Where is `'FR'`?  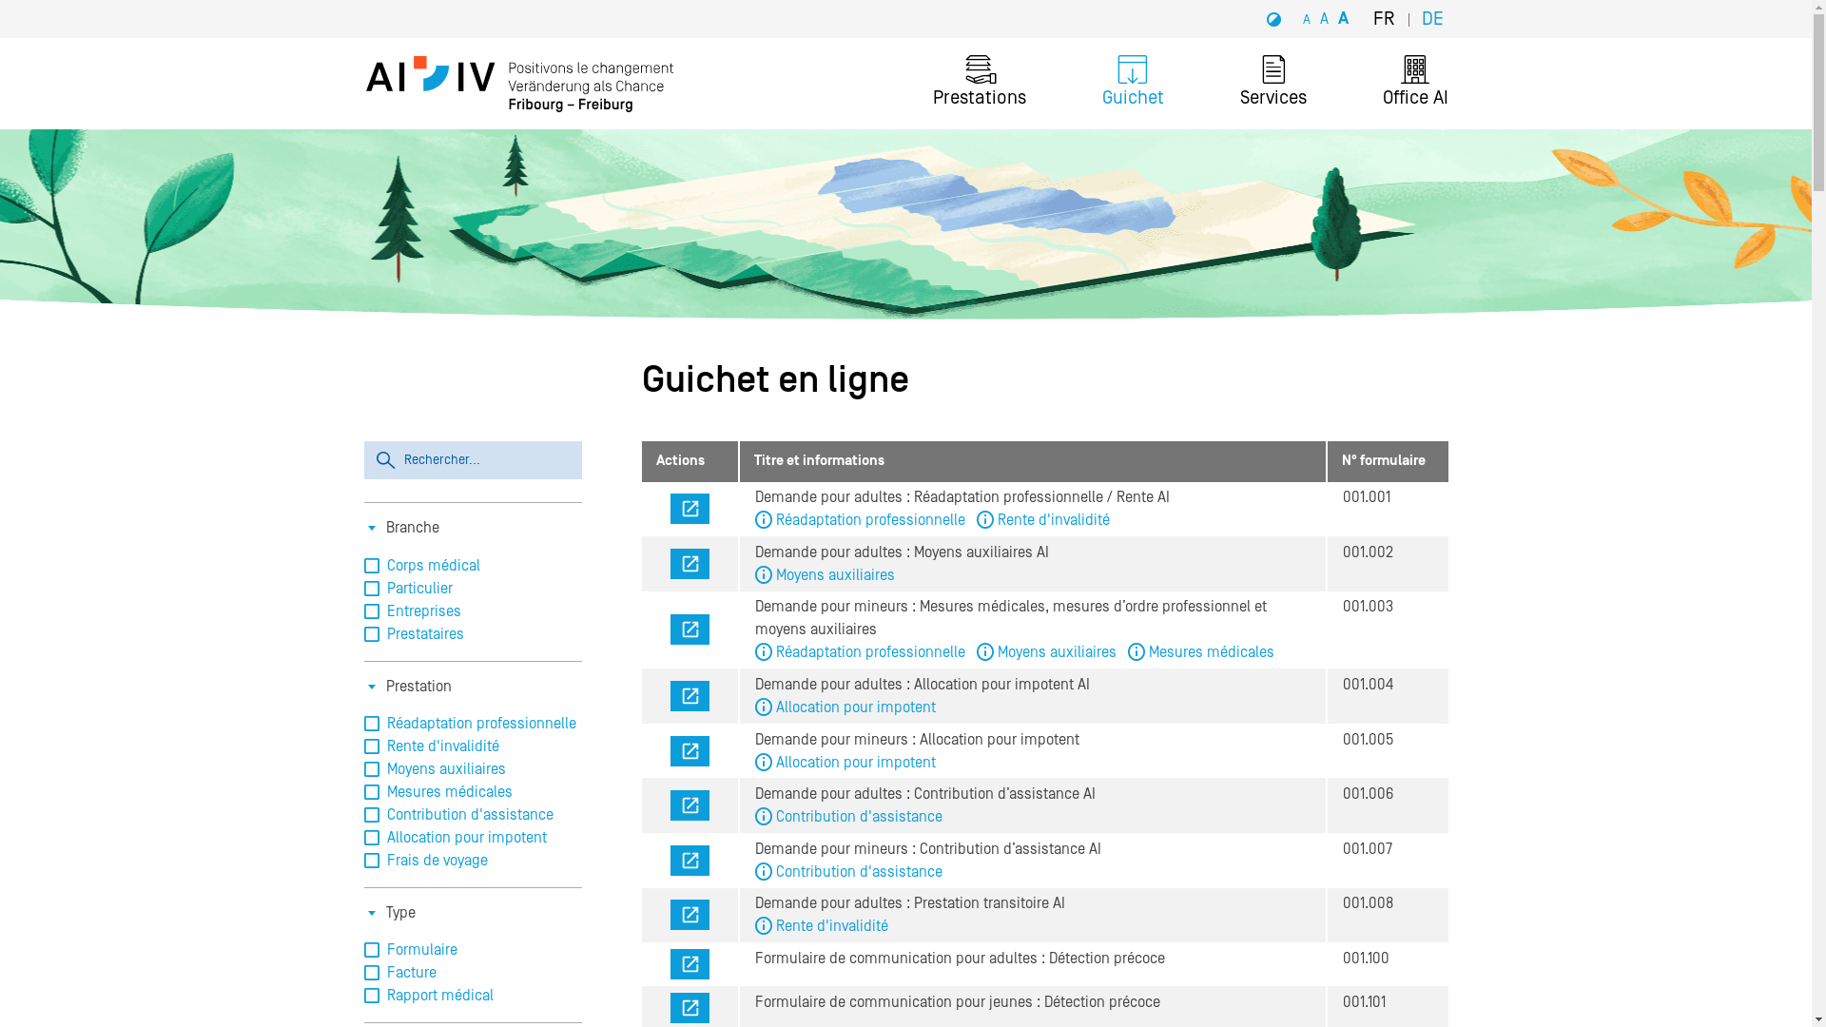
'FR' is located at coordinates (1390, 18).